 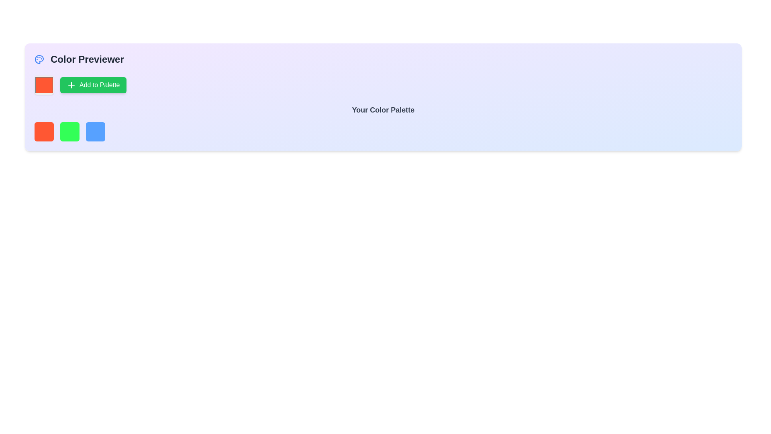 I want to click on the vibrant orange color block, which is the first square in a horizontal group of three colored squares at the lower section of the interface, so click(x=44, y=131).